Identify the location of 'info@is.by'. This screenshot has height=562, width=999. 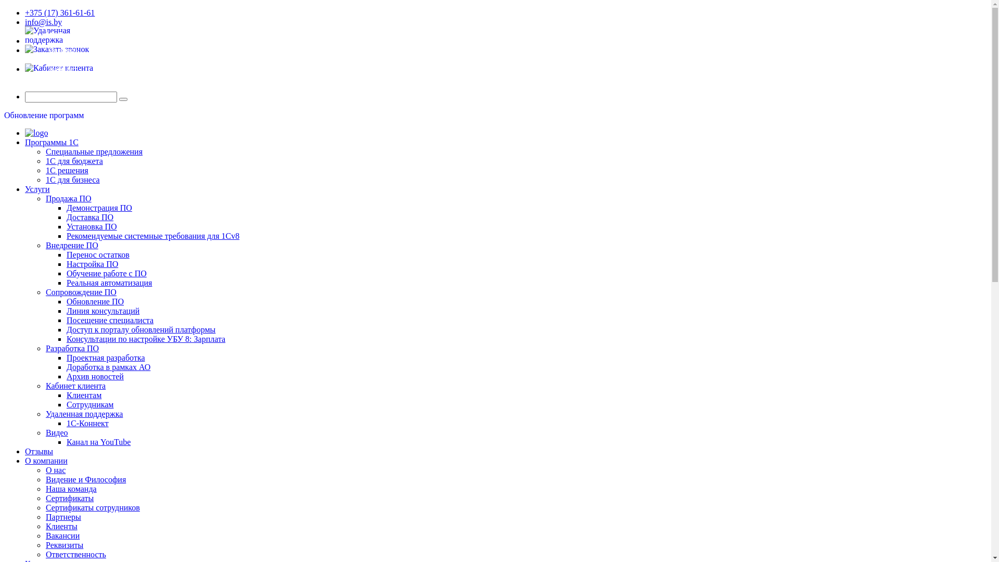
(43, 22).